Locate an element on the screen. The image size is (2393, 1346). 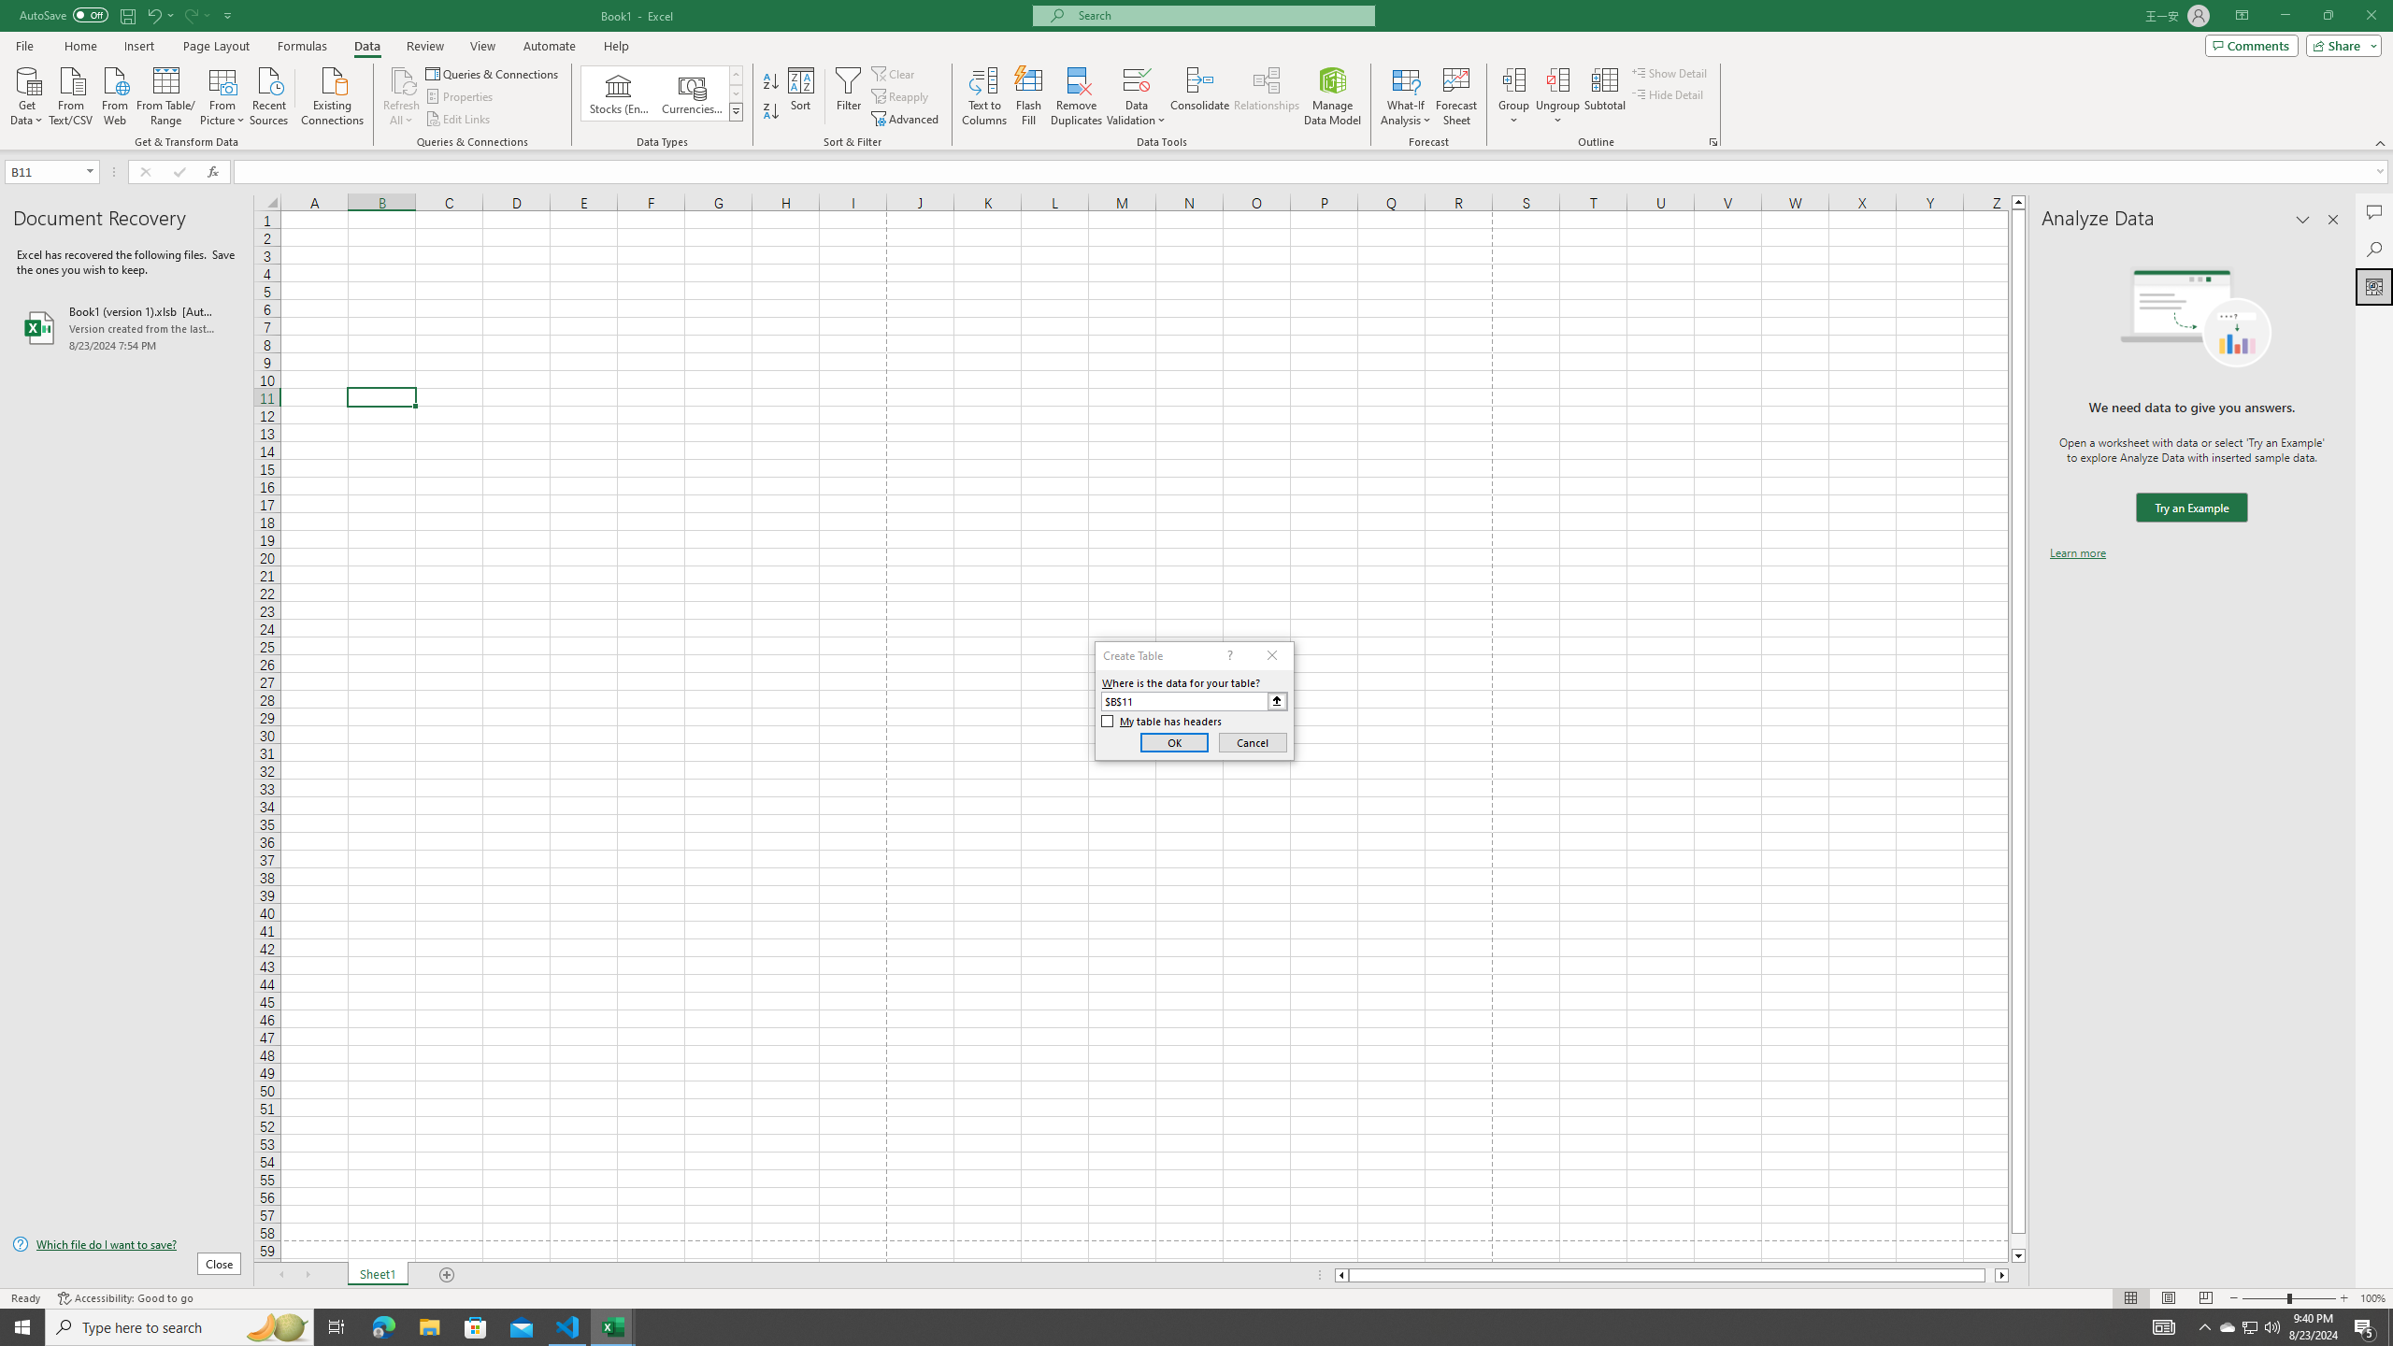
'Remove Duplicates' is located at coordinates (1076, 96).